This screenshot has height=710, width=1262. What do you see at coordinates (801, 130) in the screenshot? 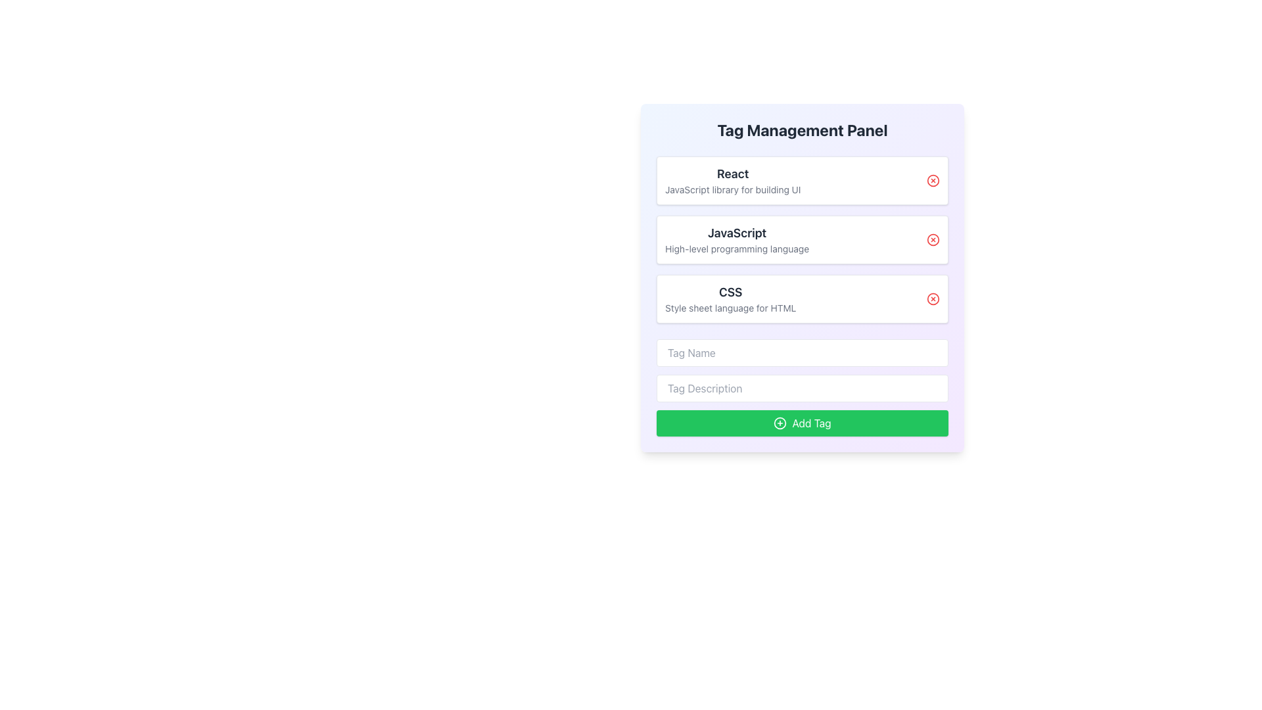
I see `text of the bold header displaying 'Tag Management Panel' at the top-center of the panel with a gradient background` at bounding box center [801, 130].